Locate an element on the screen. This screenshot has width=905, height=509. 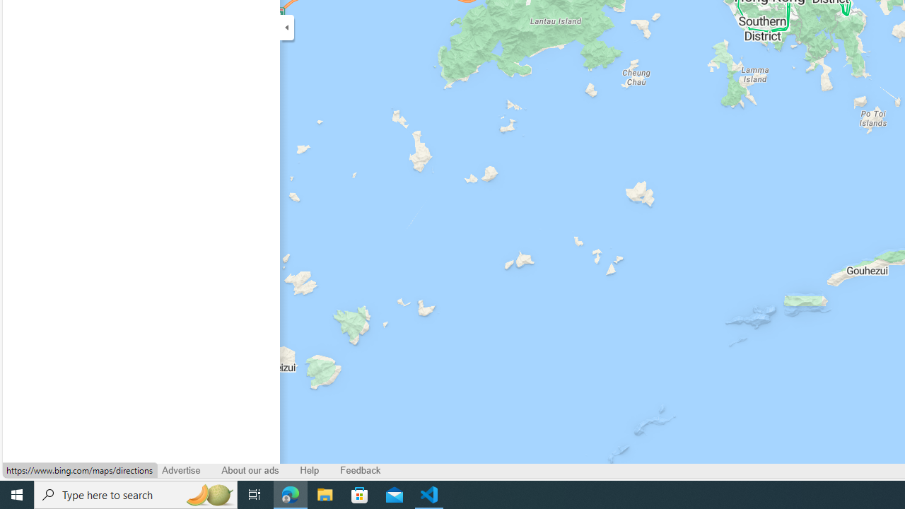
'About our ads' is located at coordinates (250, 470).